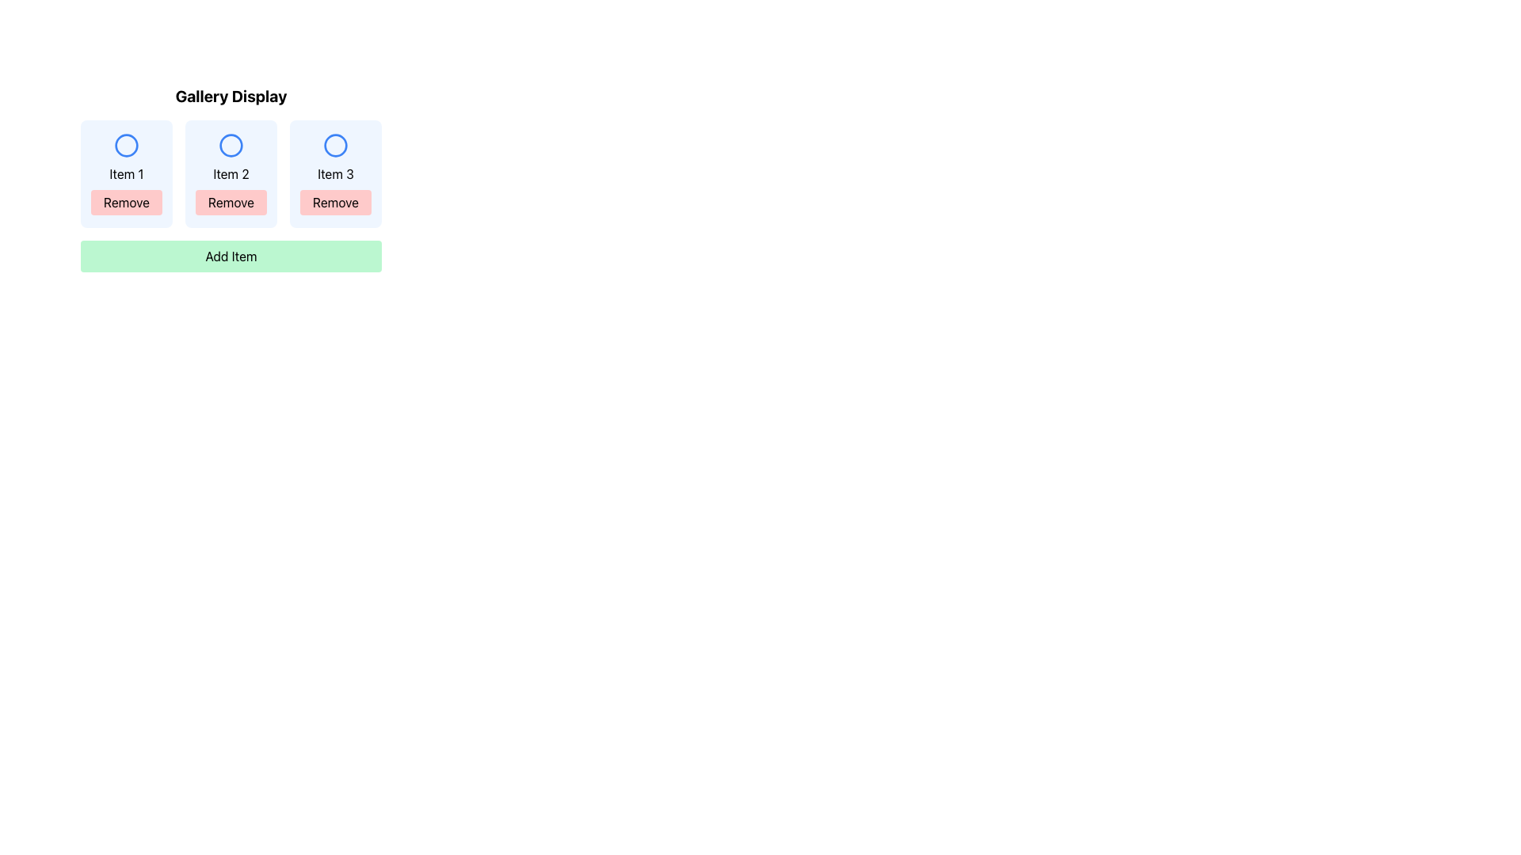 The width and height of the screenshot is (1521, 855). What do you see at coordinates (125, 146) in the screenshot?
I see `the circular SVG graphic icon with a blue outline located above the text label 'Item 1' within the first card of three horizontally aligned cards` at bounding box center [125, 146].